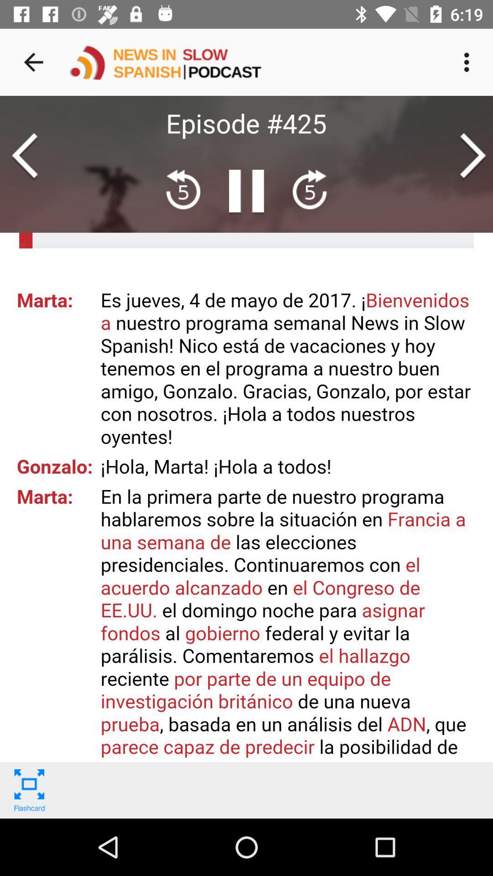 Image resolution: width=493 pixels, height=876 pixels. I want to click on the pause icon, so click(246, 193).